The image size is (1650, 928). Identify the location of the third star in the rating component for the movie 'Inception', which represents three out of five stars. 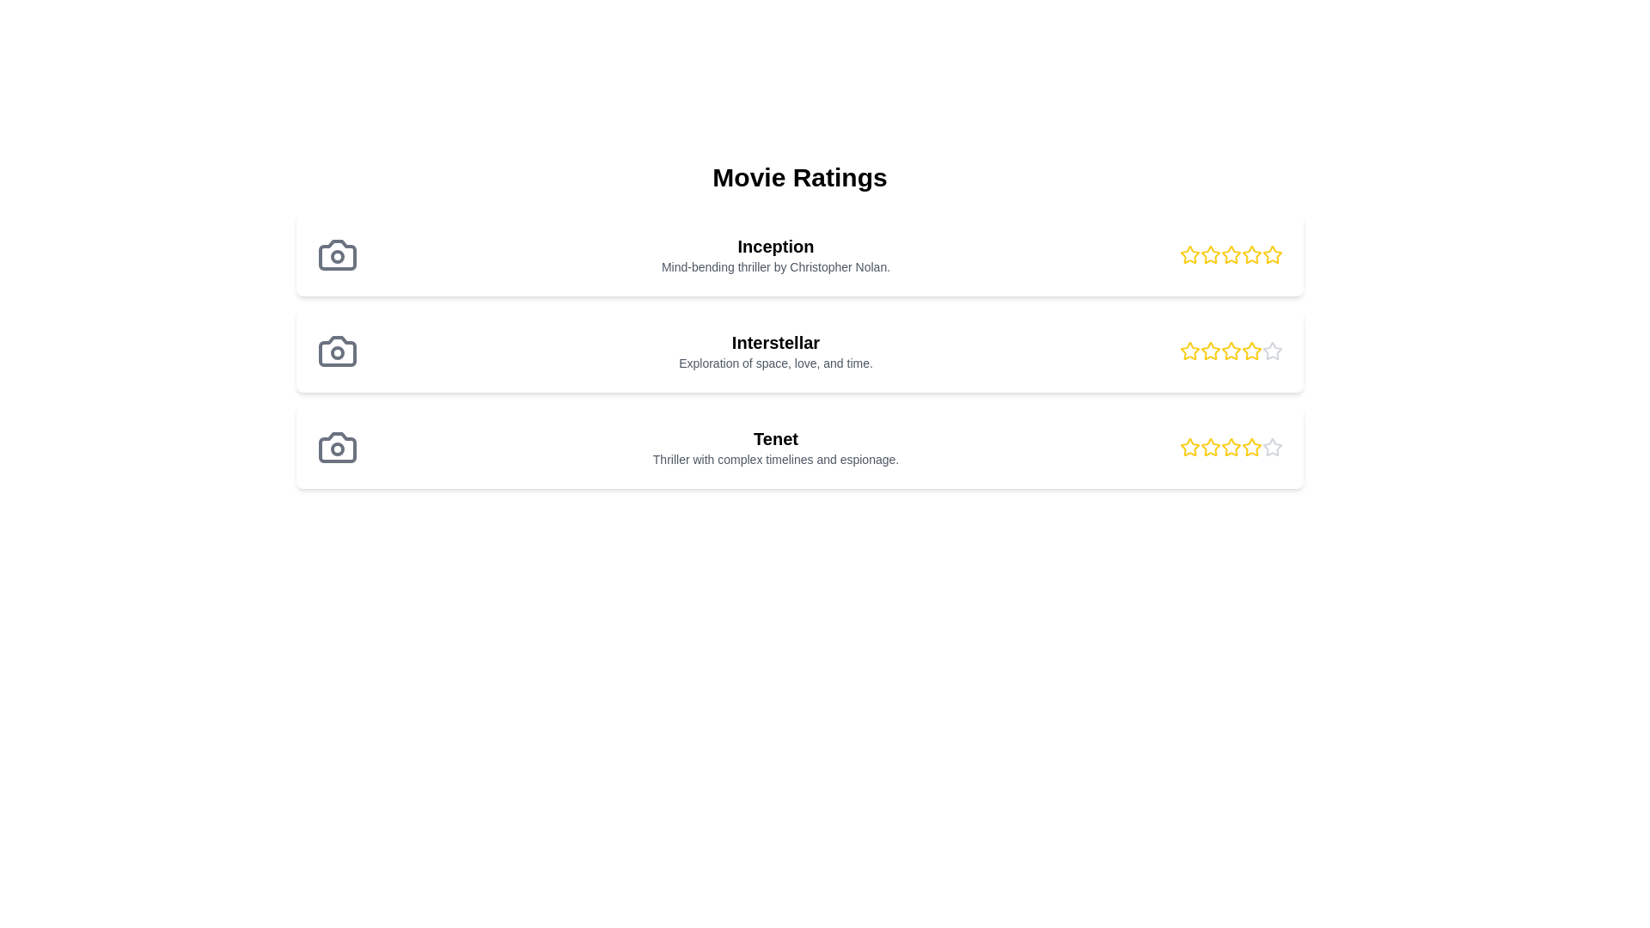
(1231, 255).